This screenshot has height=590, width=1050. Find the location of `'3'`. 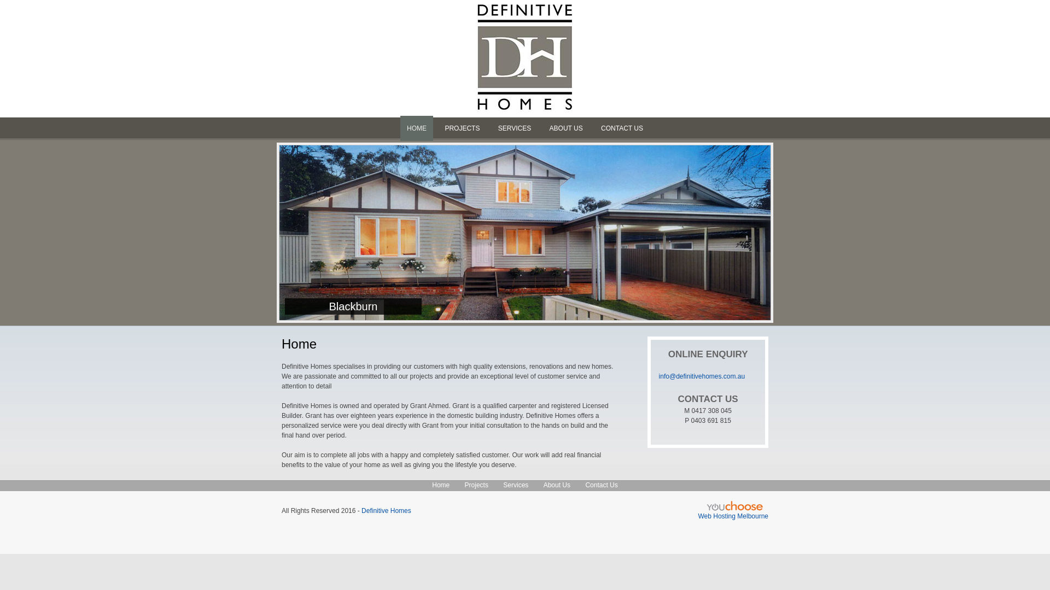

'3' is located at coordinates (524, 154).